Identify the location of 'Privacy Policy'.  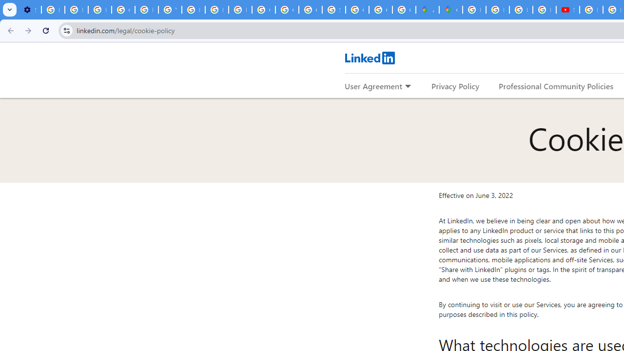
(455, 85).